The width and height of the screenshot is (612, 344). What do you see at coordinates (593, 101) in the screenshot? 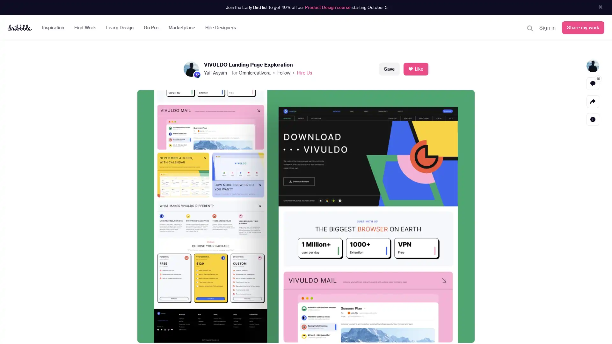
I see `Share actions` at bounding box center [593, 101].